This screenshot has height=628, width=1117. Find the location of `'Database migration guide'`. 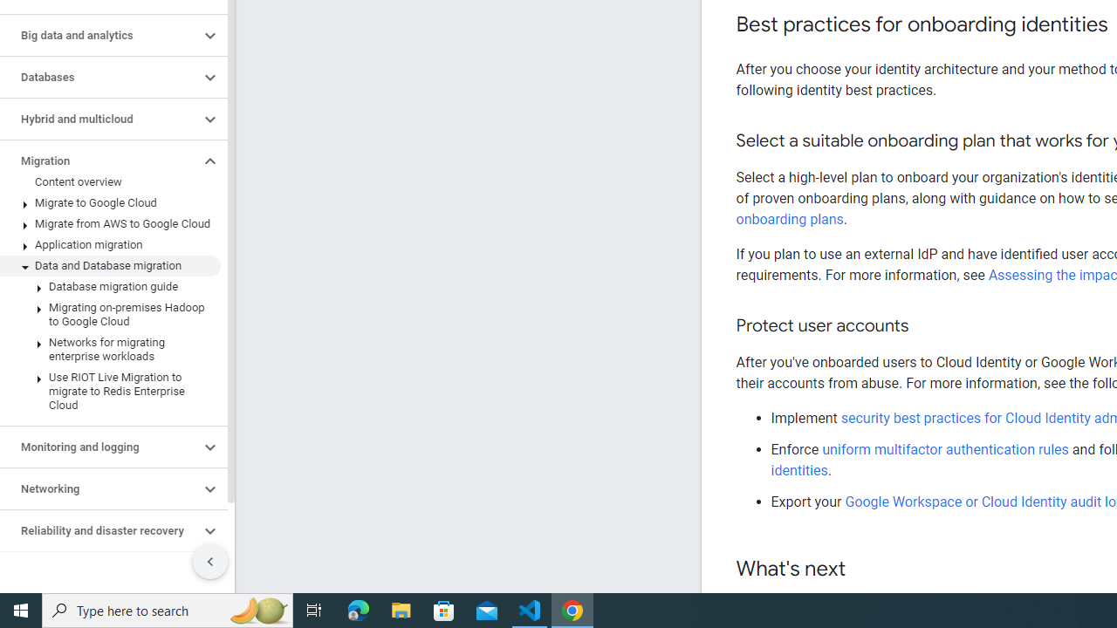

'Database migration guide' is located at coordinates (109, 286).